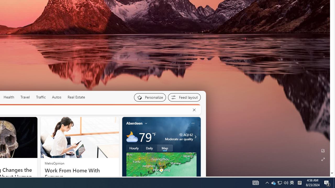  Describe the element at coordinates (57, 97) in the screenshot. I see `'Autos'` at that location.